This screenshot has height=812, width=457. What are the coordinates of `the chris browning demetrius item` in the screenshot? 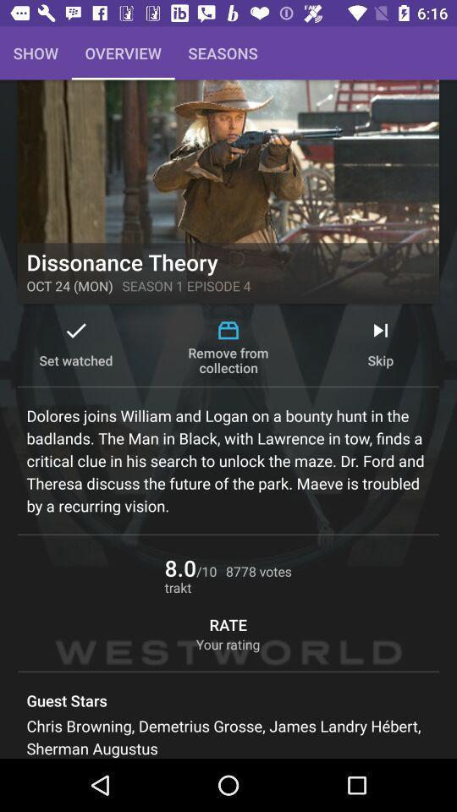 It's located at (228, 736).